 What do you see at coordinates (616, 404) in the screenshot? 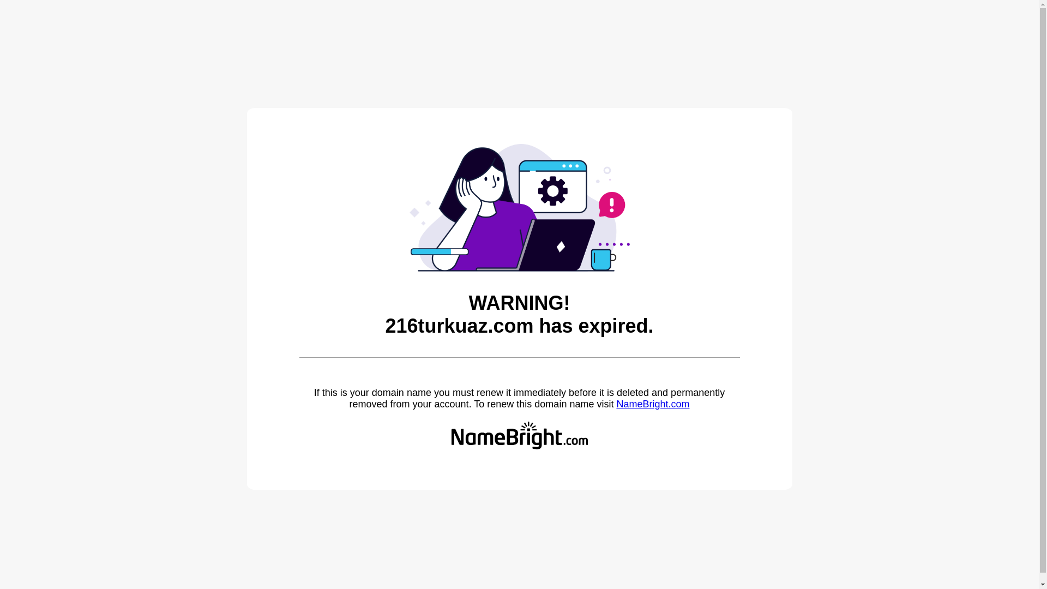
I see `'NameBright.com'` at bounding box center [616, 404].